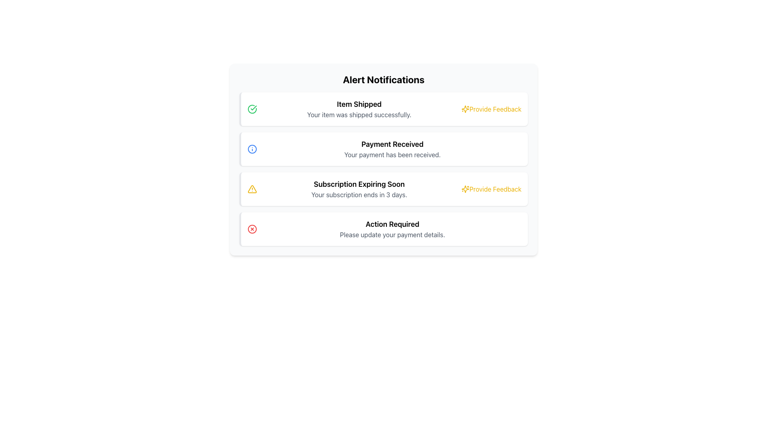 This screenshot has height=432, width=769. What do you see at coordinates (491, 109) in the screenshot?
I see `the feedback button located at the right end of the 'Item Shipped' notification box` at bounding box center [491, 109].